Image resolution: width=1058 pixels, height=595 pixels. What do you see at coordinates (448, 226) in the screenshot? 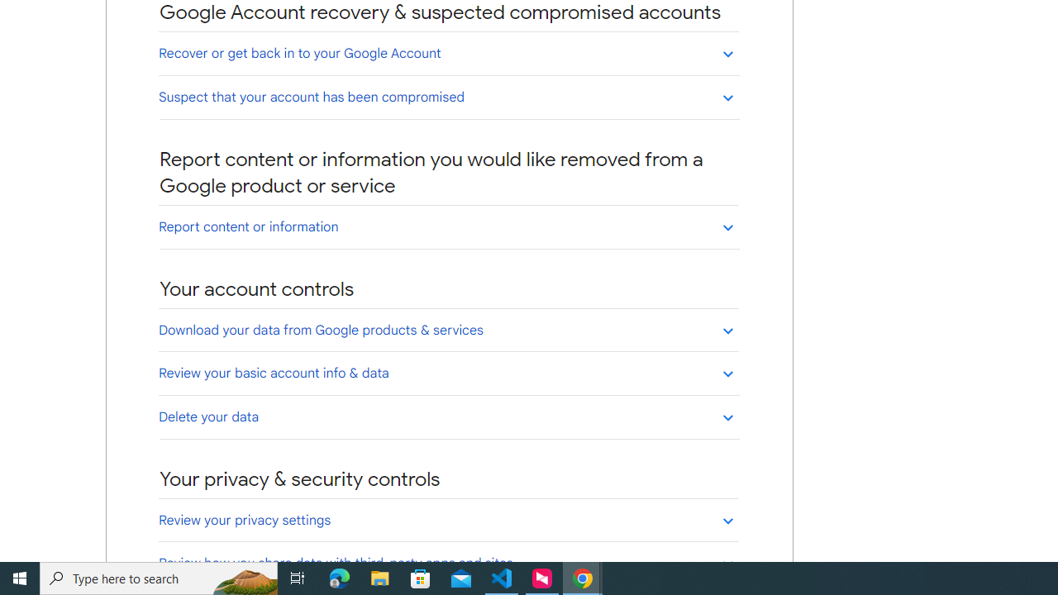
I see `'Report content or information'` at bounding box center [448, 226].